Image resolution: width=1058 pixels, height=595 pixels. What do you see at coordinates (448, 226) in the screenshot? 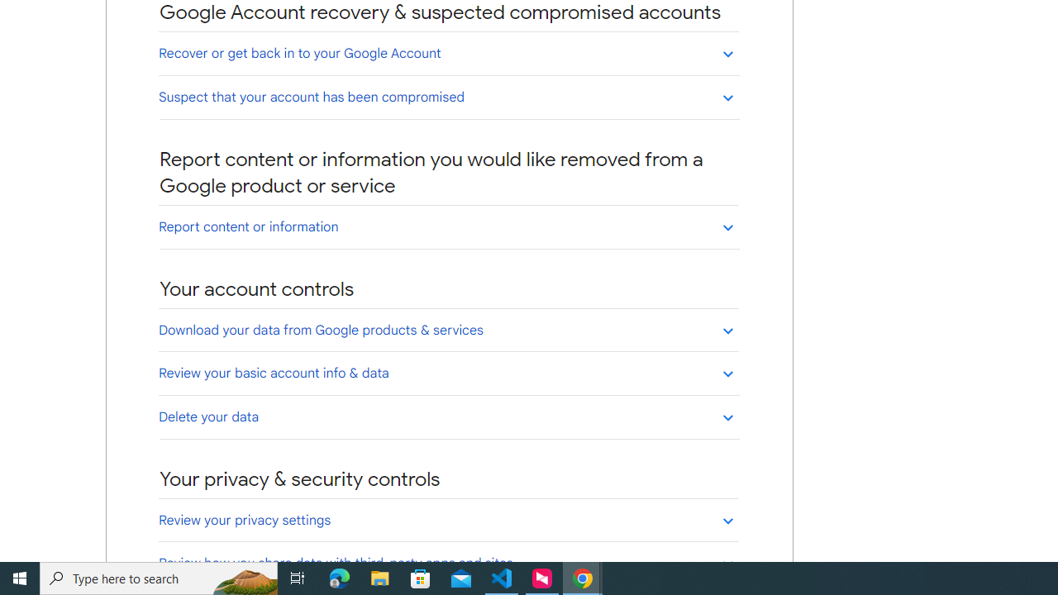
I see `'Report content or information'` at bounding box center [448, 226].